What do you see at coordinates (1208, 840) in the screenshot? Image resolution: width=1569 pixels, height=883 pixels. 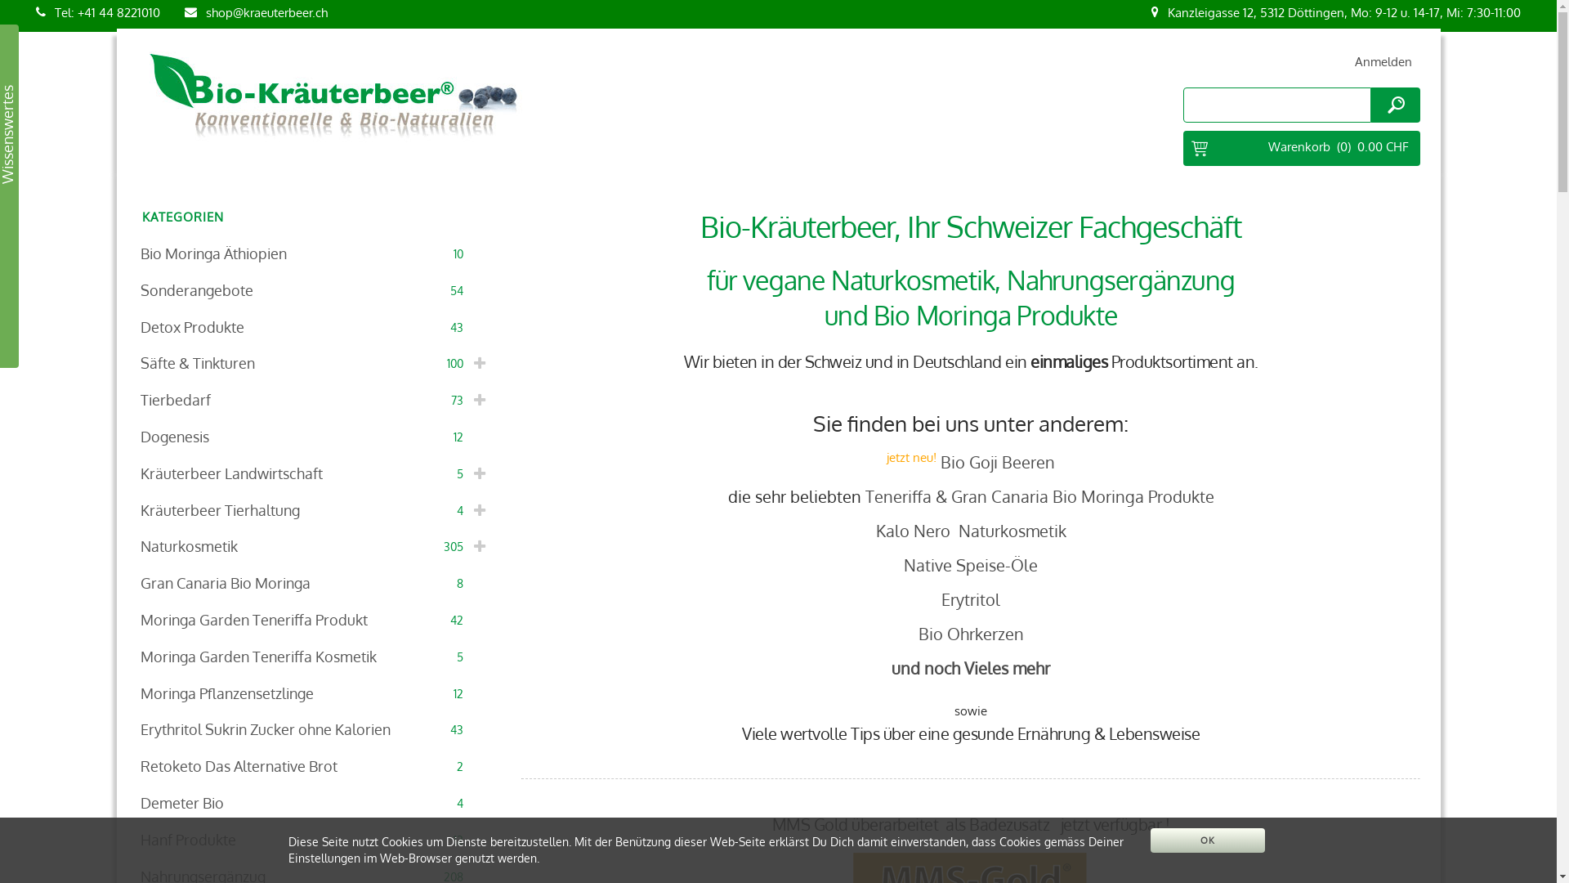 I see `'OK'` at bounding box center [1208, 840].